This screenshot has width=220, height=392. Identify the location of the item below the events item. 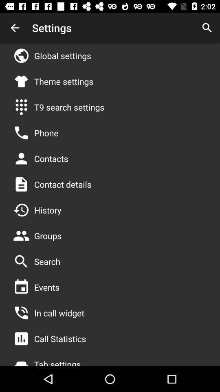
(59, 312).